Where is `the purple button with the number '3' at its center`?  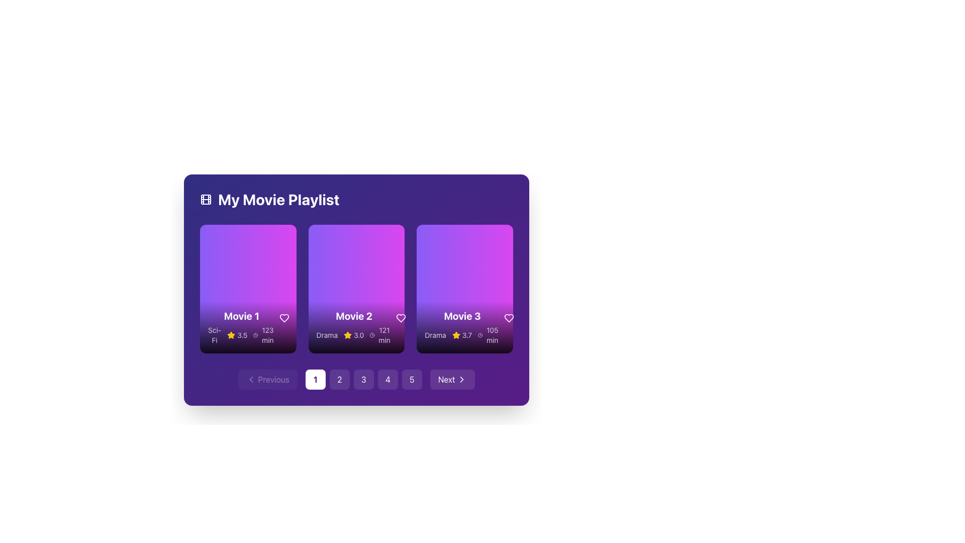 the purple button with the number '3' at its center is located at coordinates (363, 380).